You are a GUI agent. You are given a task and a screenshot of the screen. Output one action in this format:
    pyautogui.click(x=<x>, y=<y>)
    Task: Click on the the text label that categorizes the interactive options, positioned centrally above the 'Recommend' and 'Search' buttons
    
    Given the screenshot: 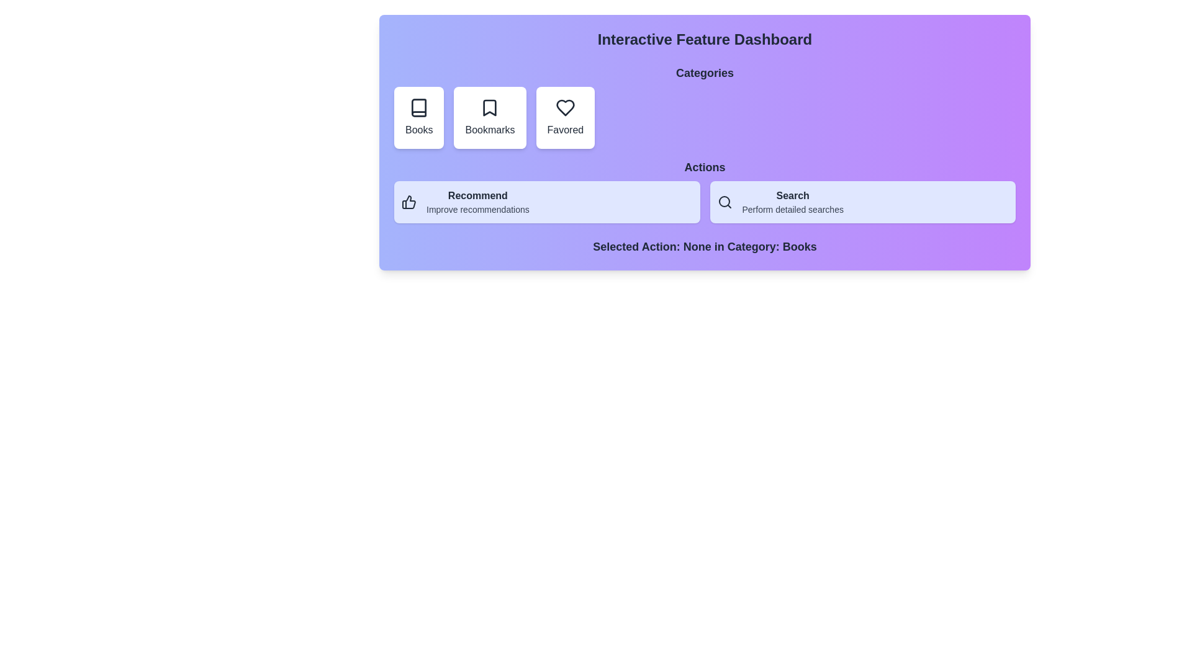 What is the action you would take?
    pyautogui.click(x=705, y=167)
    